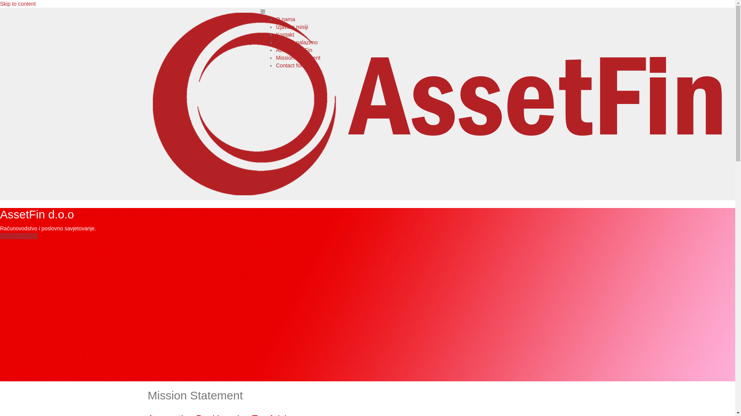 The height and width of the screenshot is (416, 741). Describe the element at coordinates (296, 42) in the screenshot. I see `'Gdje se nalazimo'` at that location.